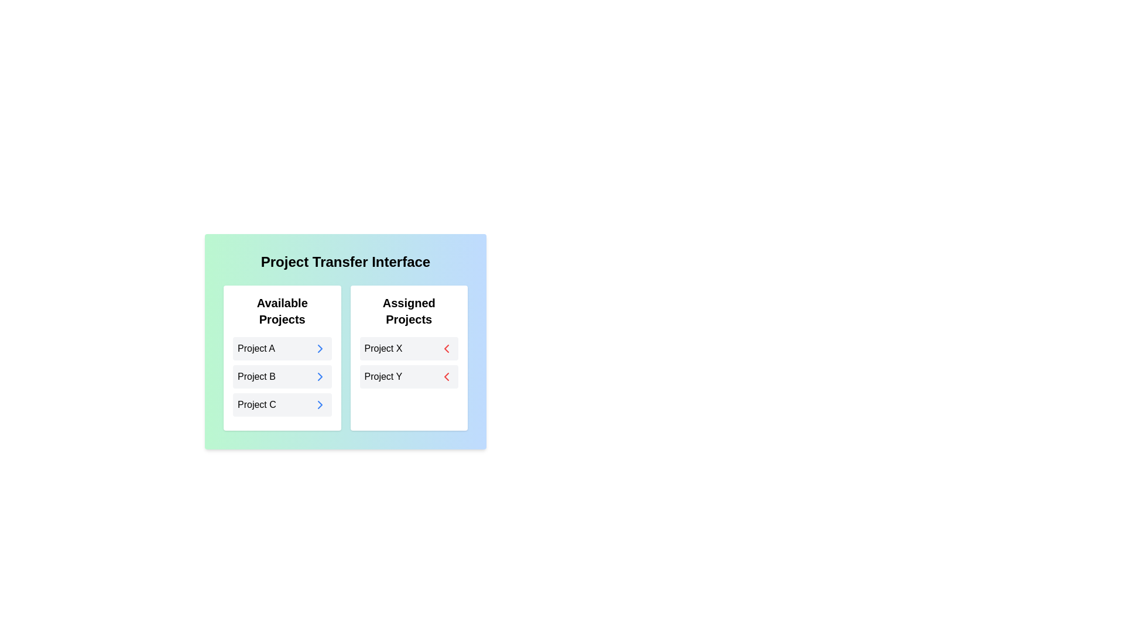 This screenshot has height=632, width=1124. Describe the element at coordinates (446, 348) in the screenshot. I see `the leftward-facing red arrow icon button located to the right of the 'Project X' text in the 'Assigned Projects' list to initiate the project transfer` at that location.